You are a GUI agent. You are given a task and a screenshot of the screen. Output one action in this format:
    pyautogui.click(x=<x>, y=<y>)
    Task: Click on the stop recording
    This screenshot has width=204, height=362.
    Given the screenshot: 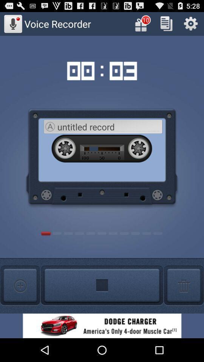 What is the action you would take?
    pyautogui.click(x=102, y=285)
    